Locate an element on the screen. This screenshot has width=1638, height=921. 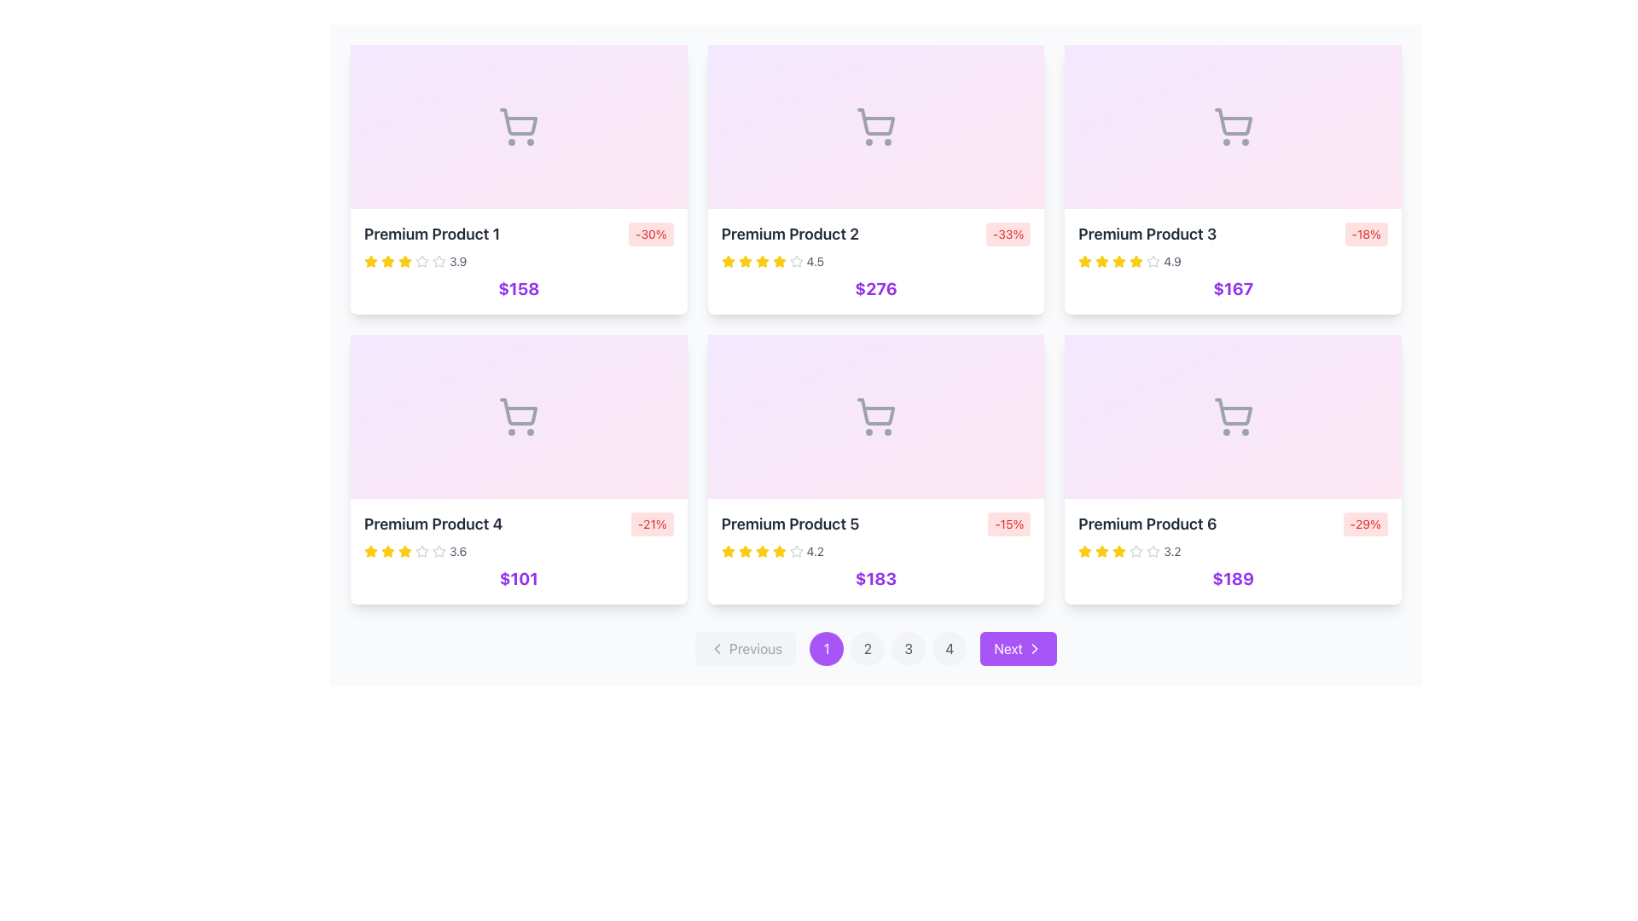
the star icon that indicates the quality rating of the product titled 'Premium Product 6', located at the bottom-right corner of the grid layout is located at coordinates (1102, 551).